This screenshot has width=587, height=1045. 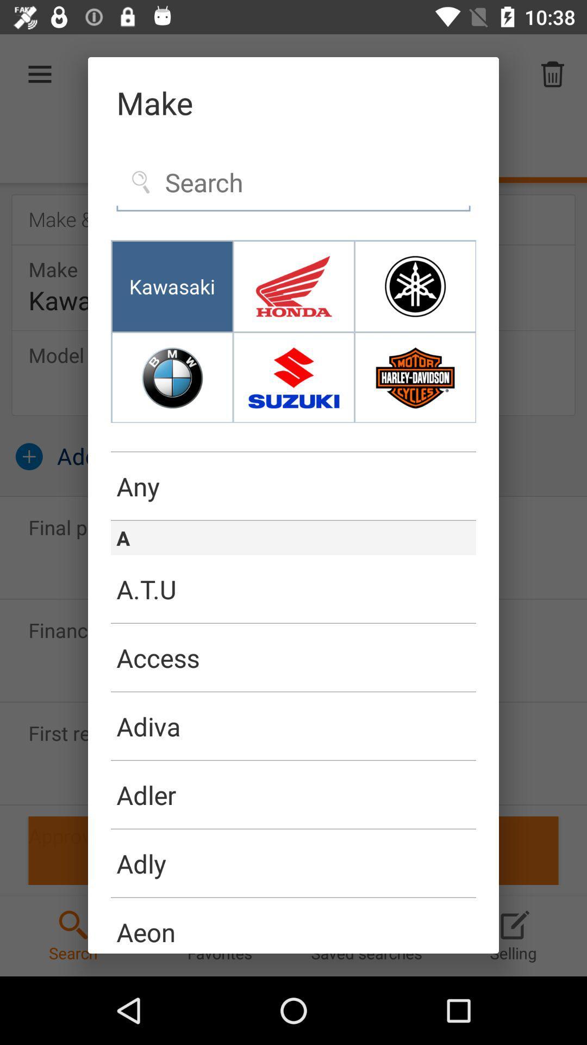 What do you see at coordinates (293, 452) in the screenshot?
I see `the item above the any item` at bounding box center [293, 452].